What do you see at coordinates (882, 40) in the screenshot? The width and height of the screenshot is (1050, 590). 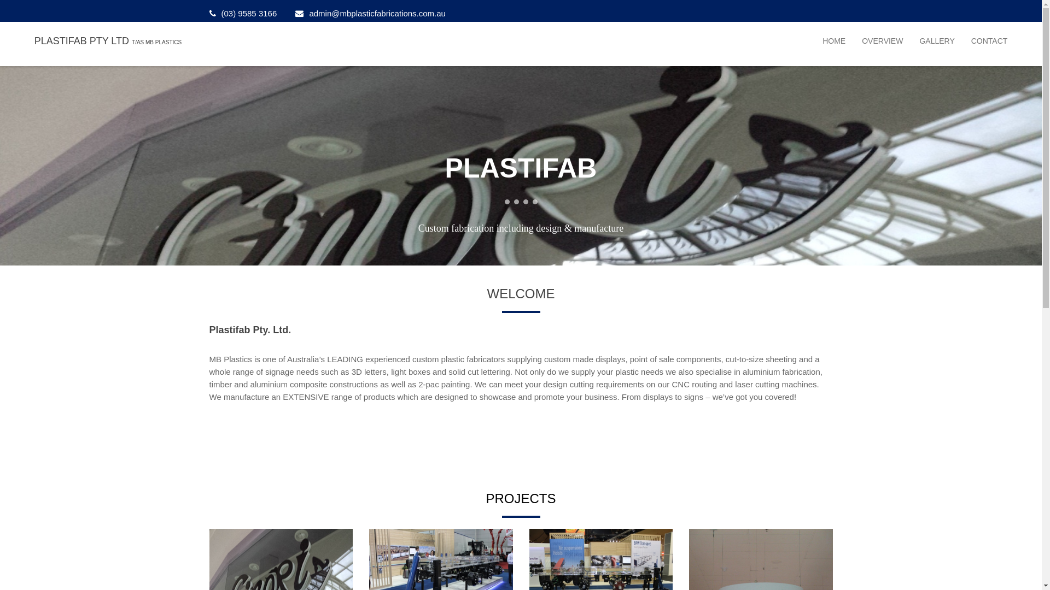 I see `'OVERVIEW'` at bounding box center [882, 40].